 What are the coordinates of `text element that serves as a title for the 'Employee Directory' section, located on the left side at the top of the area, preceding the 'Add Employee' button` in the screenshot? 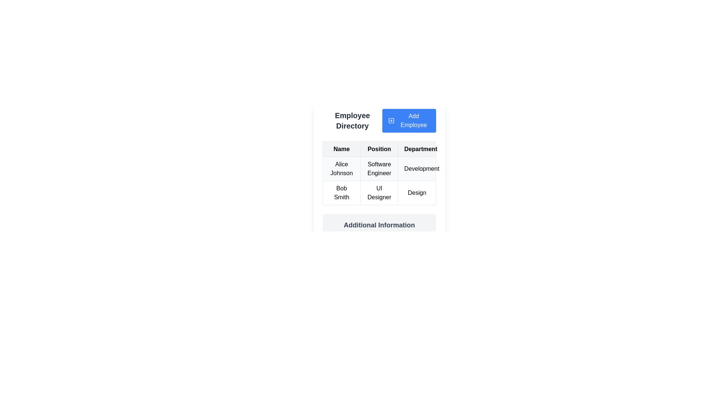 It's located at (352, 120).